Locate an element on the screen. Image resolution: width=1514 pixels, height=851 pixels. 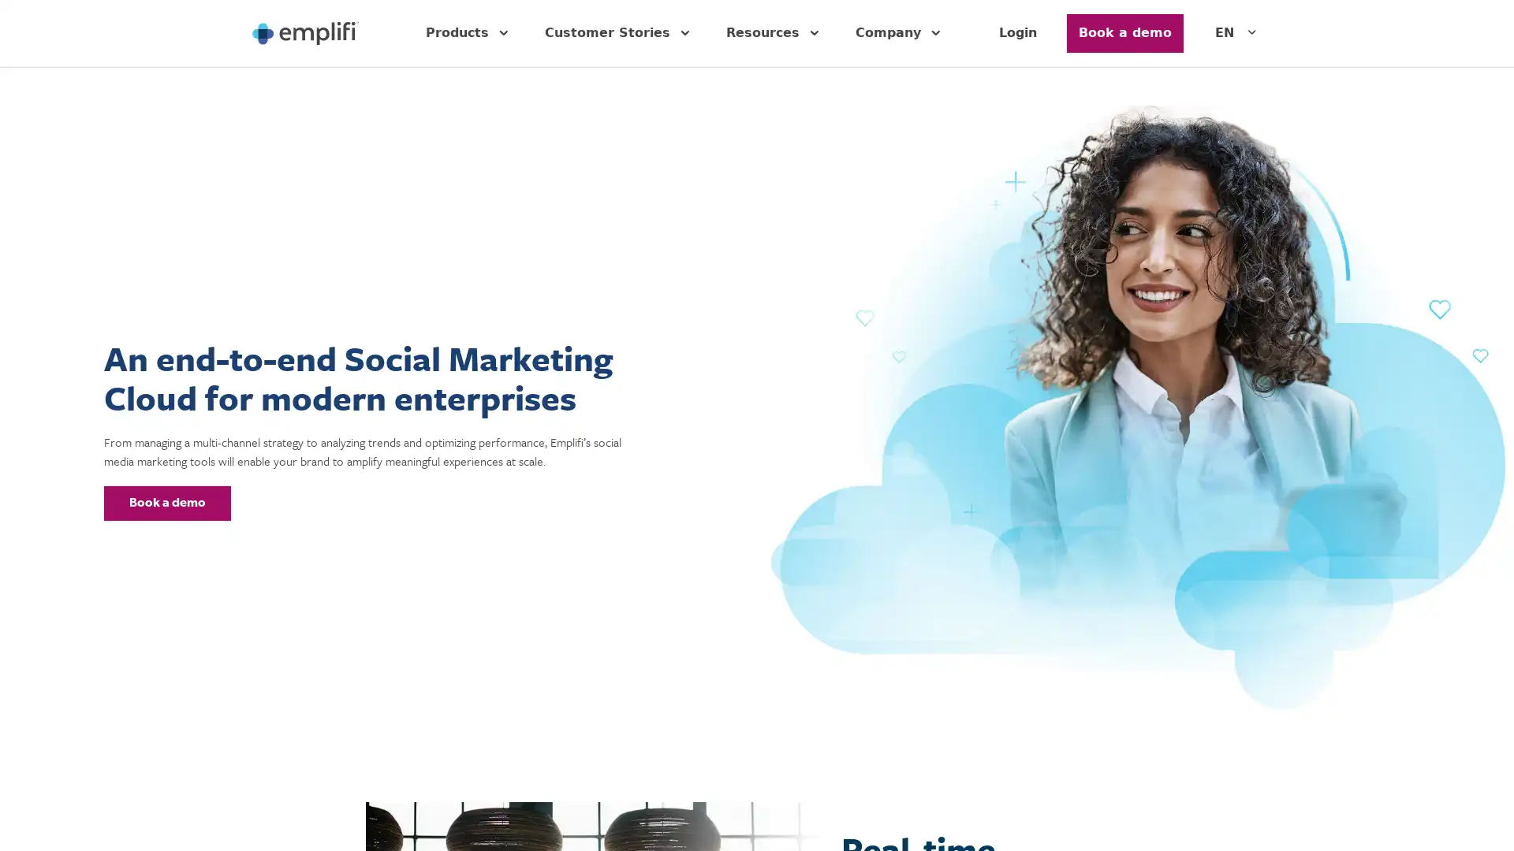
EN is located at coordinates (1237, 33).